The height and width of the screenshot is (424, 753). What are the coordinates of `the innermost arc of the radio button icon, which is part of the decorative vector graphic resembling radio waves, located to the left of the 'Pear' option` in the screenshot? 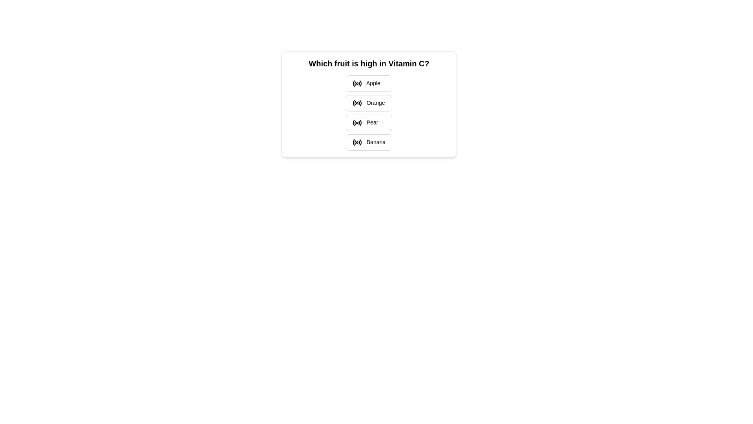 It's located at (353, 122).